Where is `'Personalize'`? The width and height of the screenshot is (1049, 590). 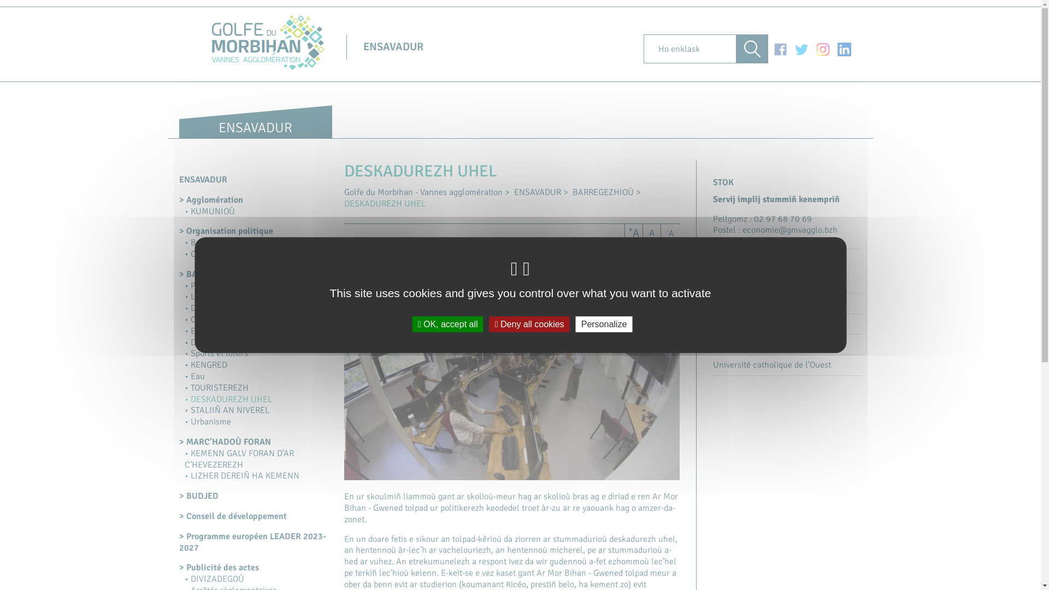
'Personalize' is located at coordinates (603, 323).